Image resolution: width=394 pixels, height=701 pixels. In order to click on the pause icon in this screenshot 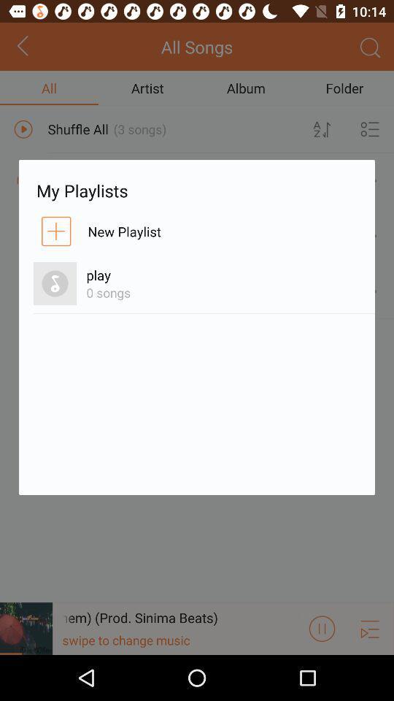, I will do `click(322, 673)`.